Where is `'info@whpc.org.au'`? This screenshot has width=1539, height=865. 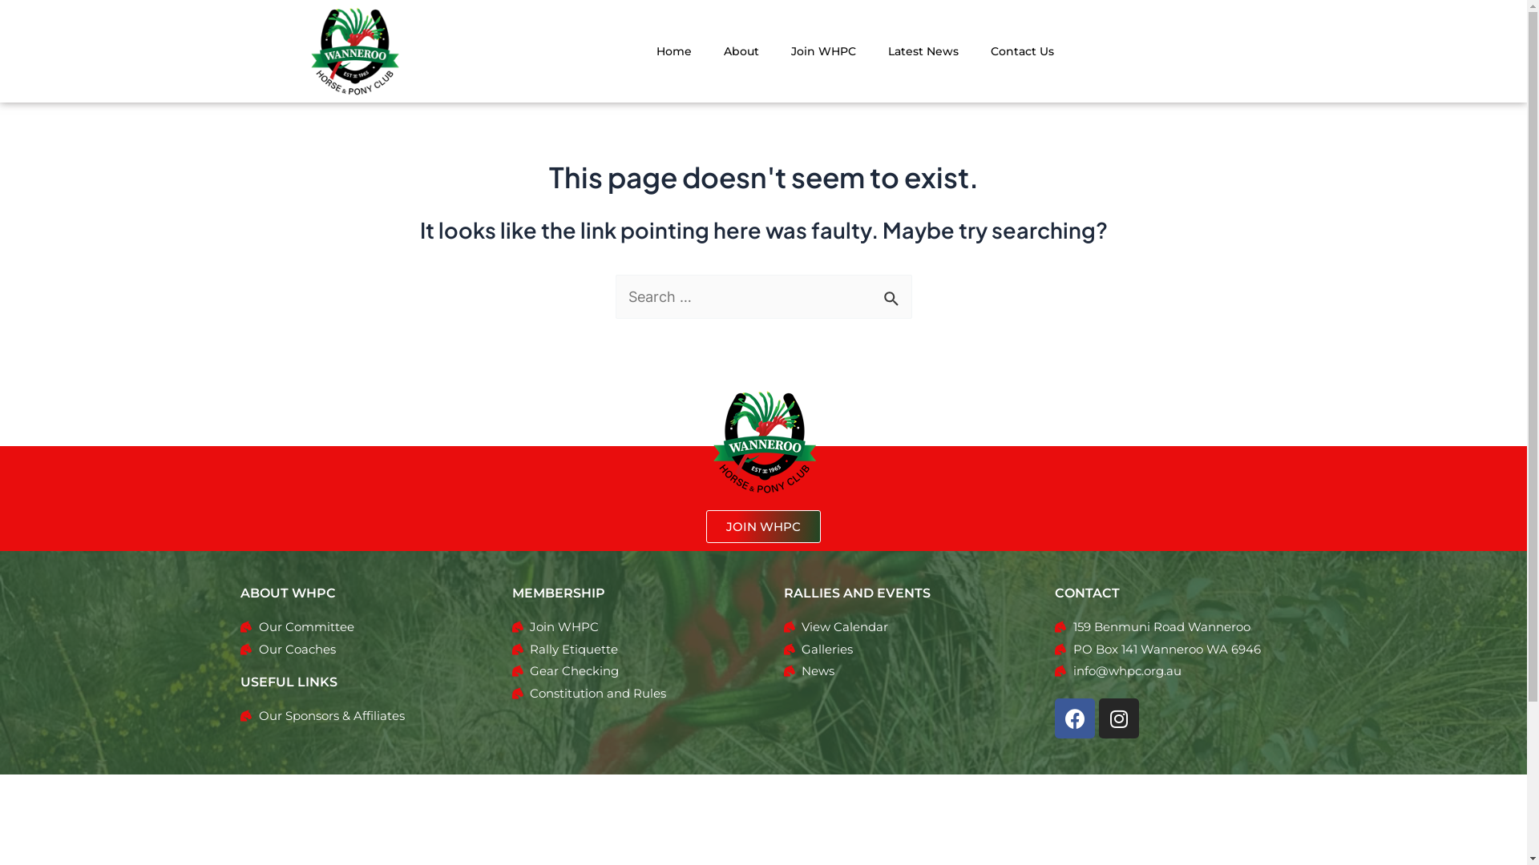 'info@whpc.org.au' is located at coordinates (1170, 670).